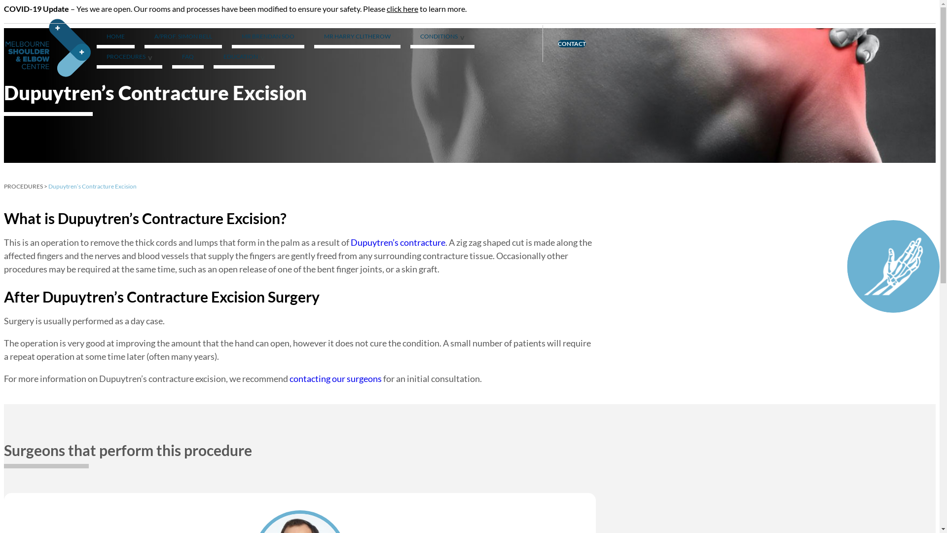 The width and height of the screenshot is (947, 533). Describe the element at coordinates (187, 58) in the screenshot. I see `'FAQ'` at that location.